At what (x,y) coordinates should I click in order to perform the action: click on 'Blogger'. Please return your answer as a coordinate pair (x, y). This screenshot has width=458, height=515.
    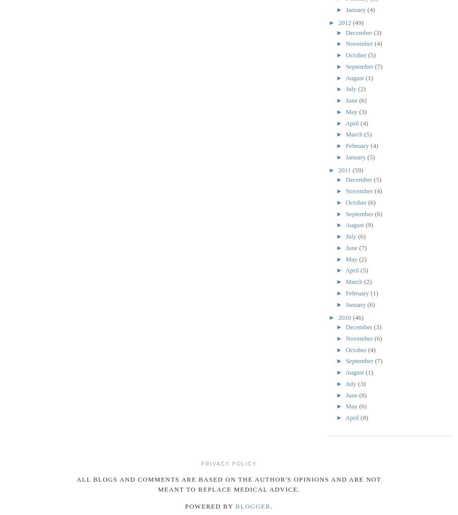
    Looking at the image, I should click on (253, 506).